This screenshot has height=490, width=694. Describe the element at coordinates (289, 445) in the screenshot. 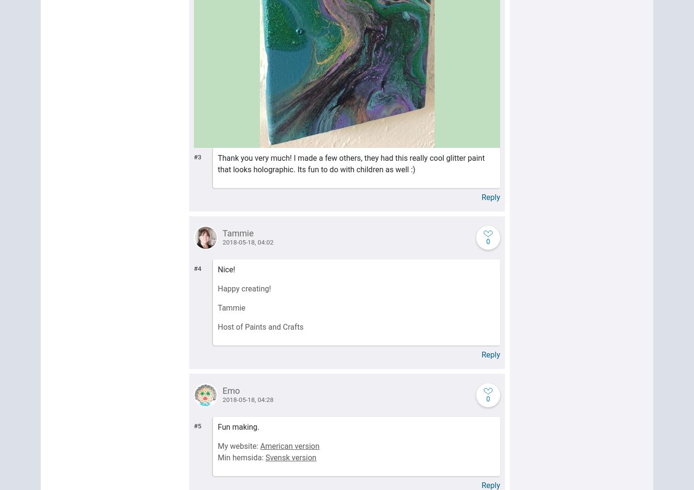

I see `'American version'` at that location.